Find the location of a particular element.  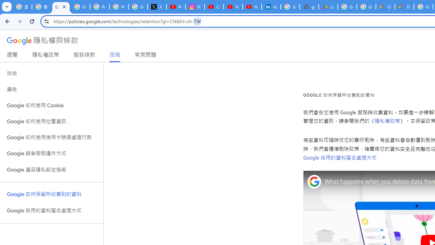

'YouTube Culture & Trends - YouTube Top 10, 2021' is located at coordinates (252, 7).